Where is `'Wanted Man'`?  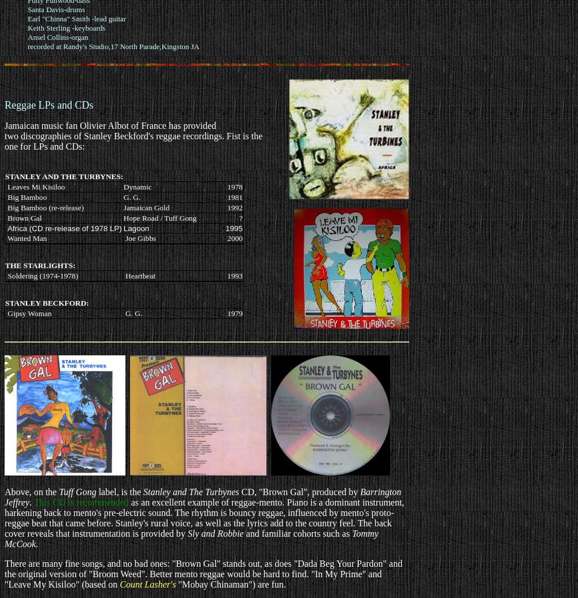 'Wanted Man' is located at coordinates (26, 237).